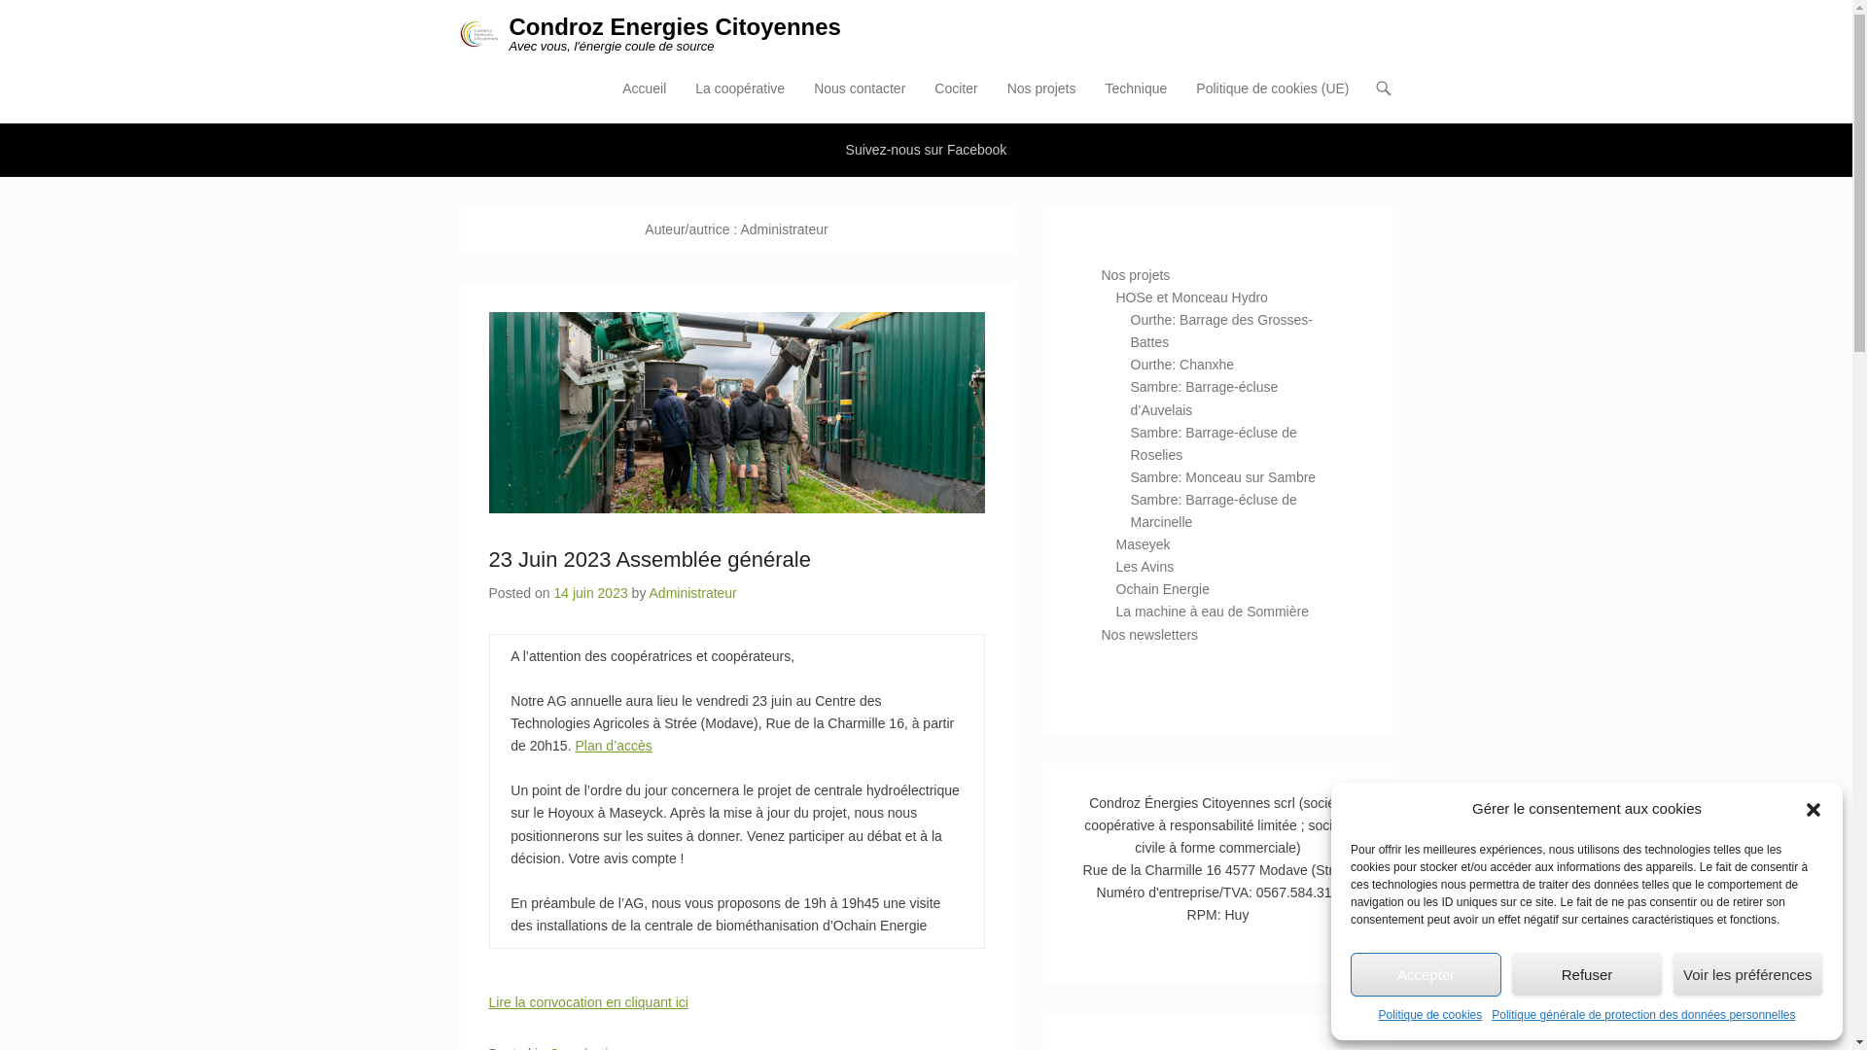 This screenshot has height=1050, width=1867. What do you see at coordinates (1220, 330) in the screenshot?
I see `'Ourthe: Barrage des Grosses-Battes'` at bounding box center [1220, 330].